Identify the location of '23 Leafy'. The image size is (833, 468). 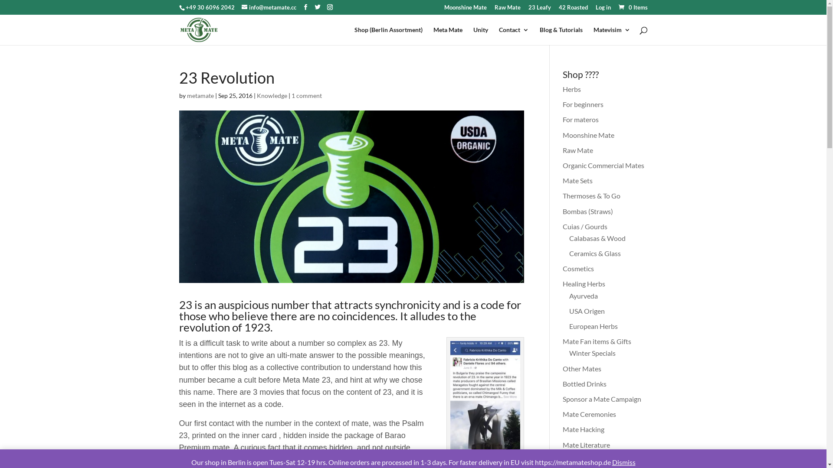
(539, 10).